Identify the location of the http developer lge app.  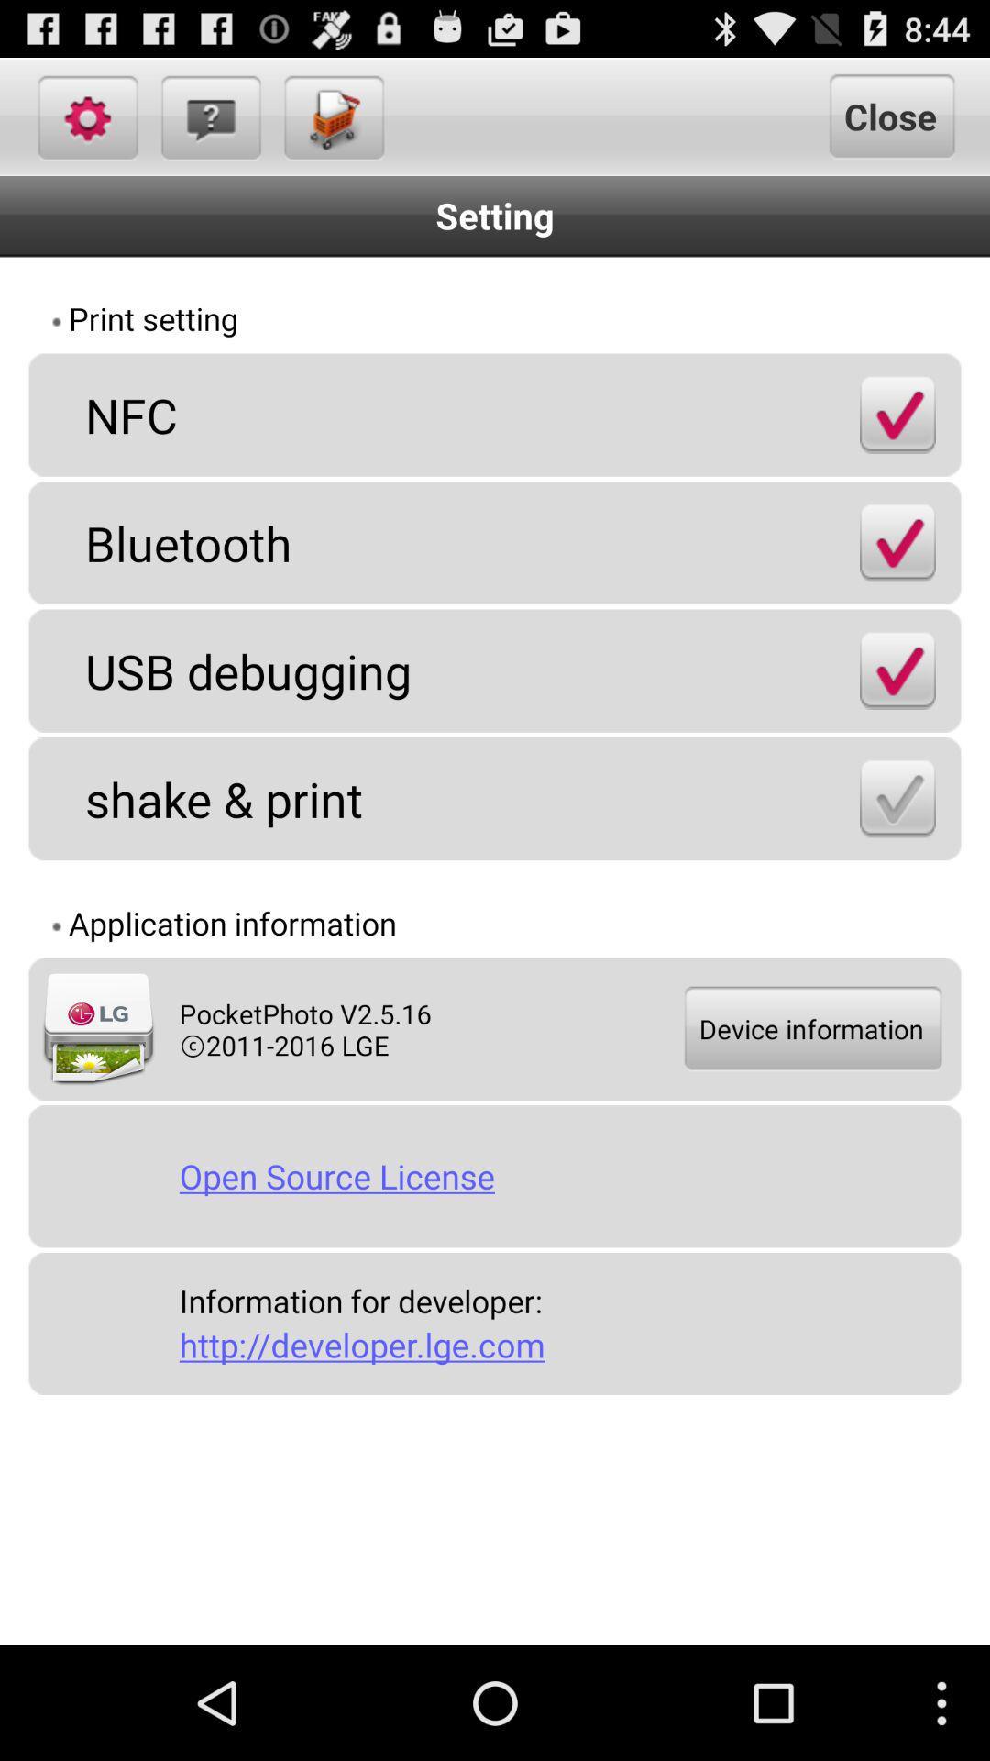
(562, 1345).